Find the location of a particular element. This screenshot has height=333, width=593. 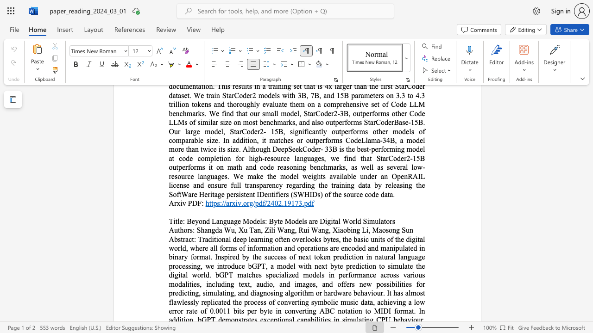

the subset text "g," within the text "Zili Wang," is located at coordinates (290, 229).